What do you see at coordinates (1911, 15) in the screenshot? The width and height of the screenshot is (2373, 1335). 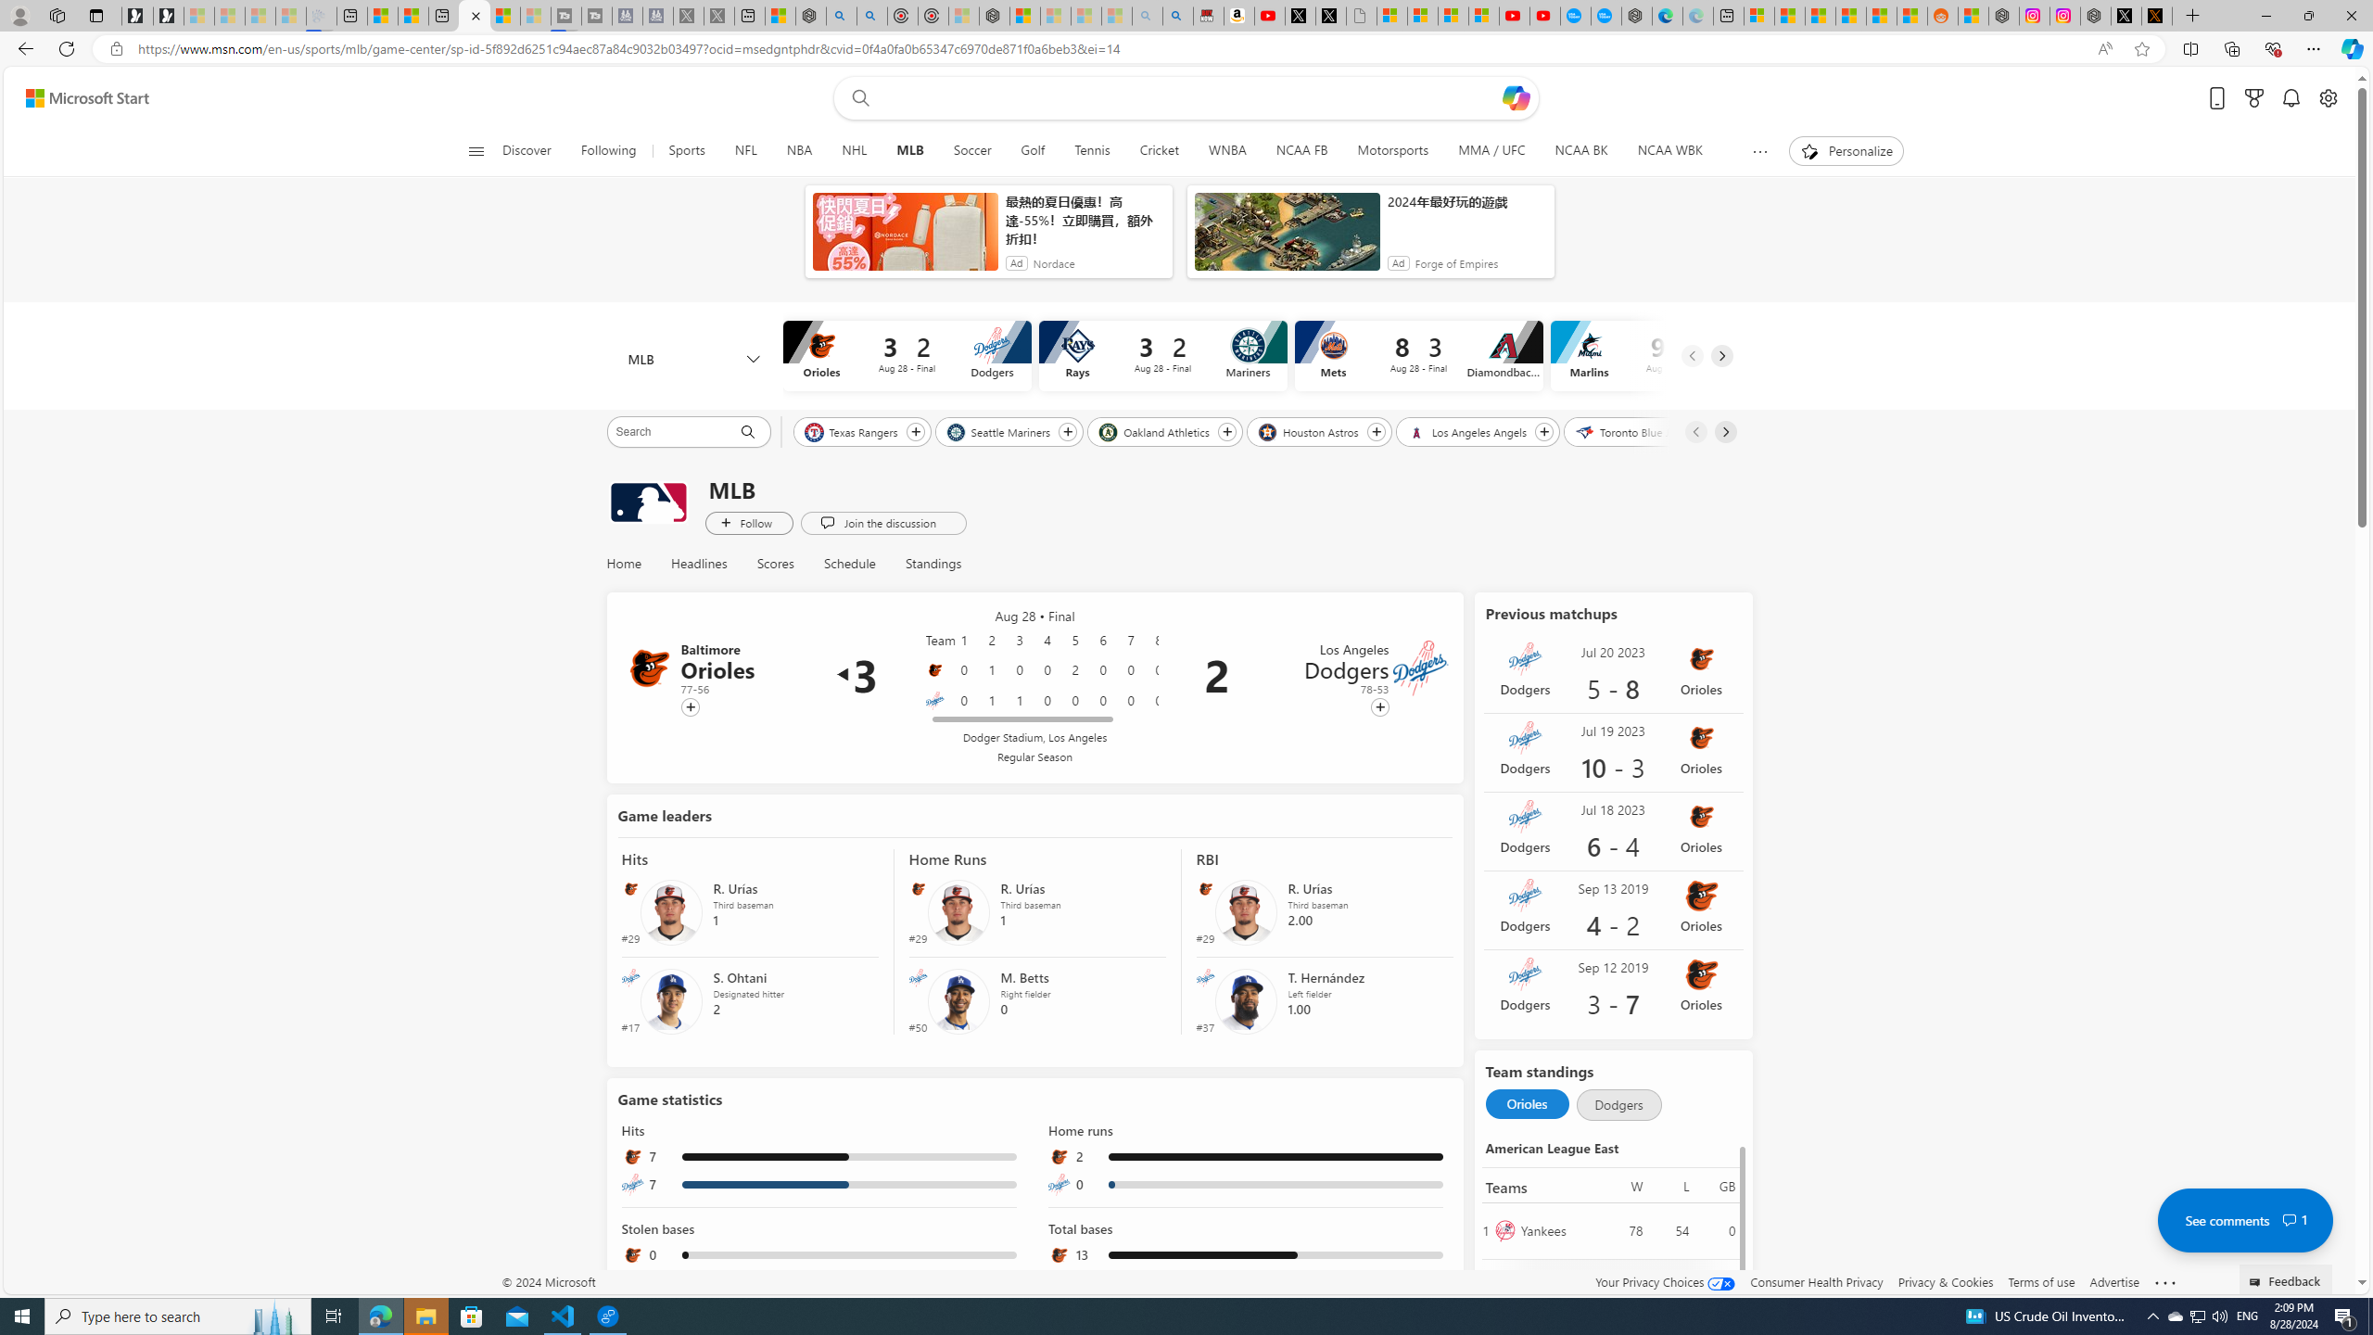 I see `'Shanghai, China Weather trends | Microsoft Weather'` at bounding box center [1911, 15].